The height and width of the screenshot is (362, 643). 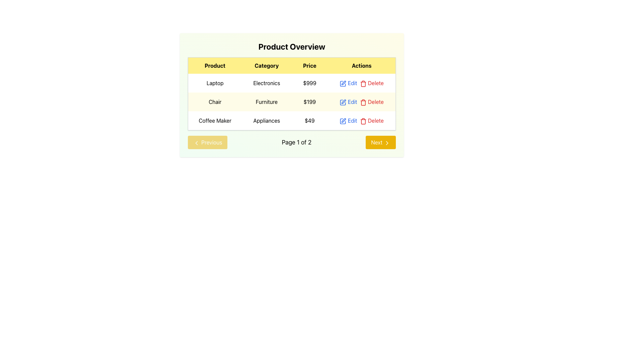 I want to click on the blue-highlighted 'Edit' text link with a pencil icon located in the 'Actions' column of the first row of the table to initiate editing, so click(x=348, y=82).